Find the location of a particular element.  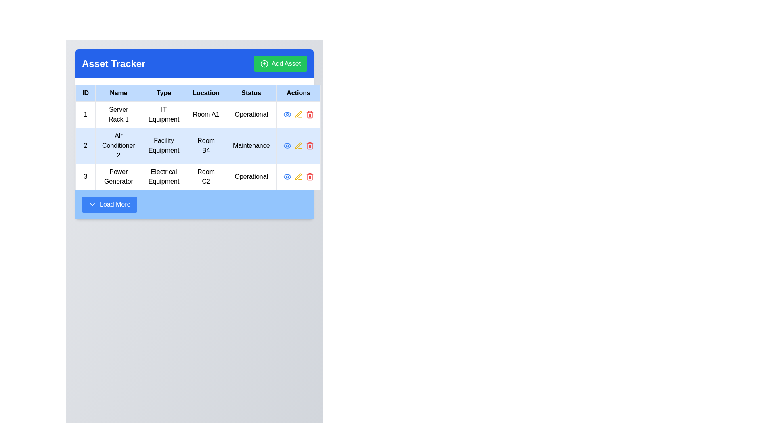

the delete button located at the third position in the 'Actions' column of the last row of the table is located at coordinates (309, 176).